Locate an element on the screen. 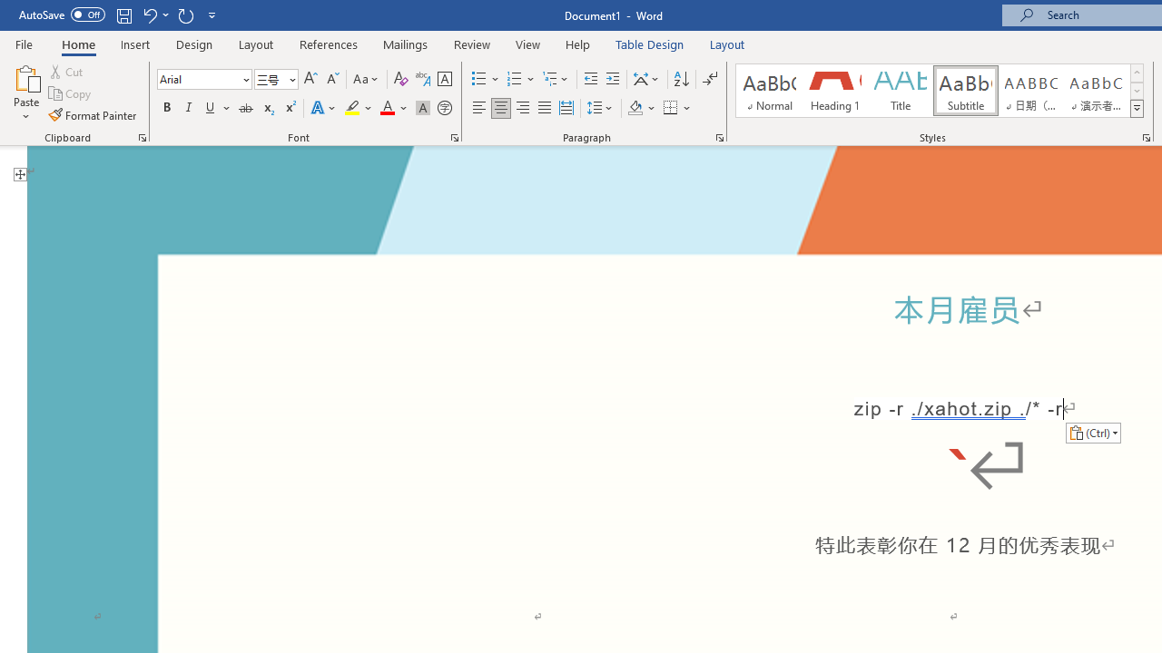 Image resolution: width=1162 pixels, height=653 pixels. 'Styles...' is located at coordinates (1145, 136).